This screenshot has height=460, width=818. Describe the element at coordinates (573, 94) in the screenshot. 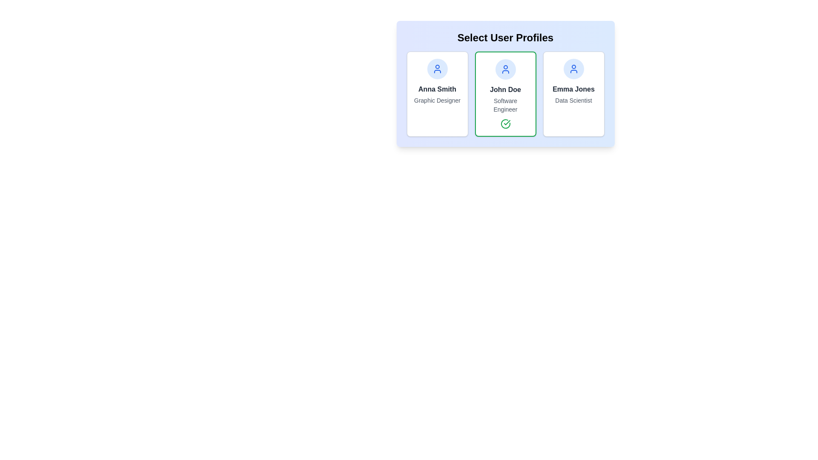

I see `the user profile Emma Jones` at that location.